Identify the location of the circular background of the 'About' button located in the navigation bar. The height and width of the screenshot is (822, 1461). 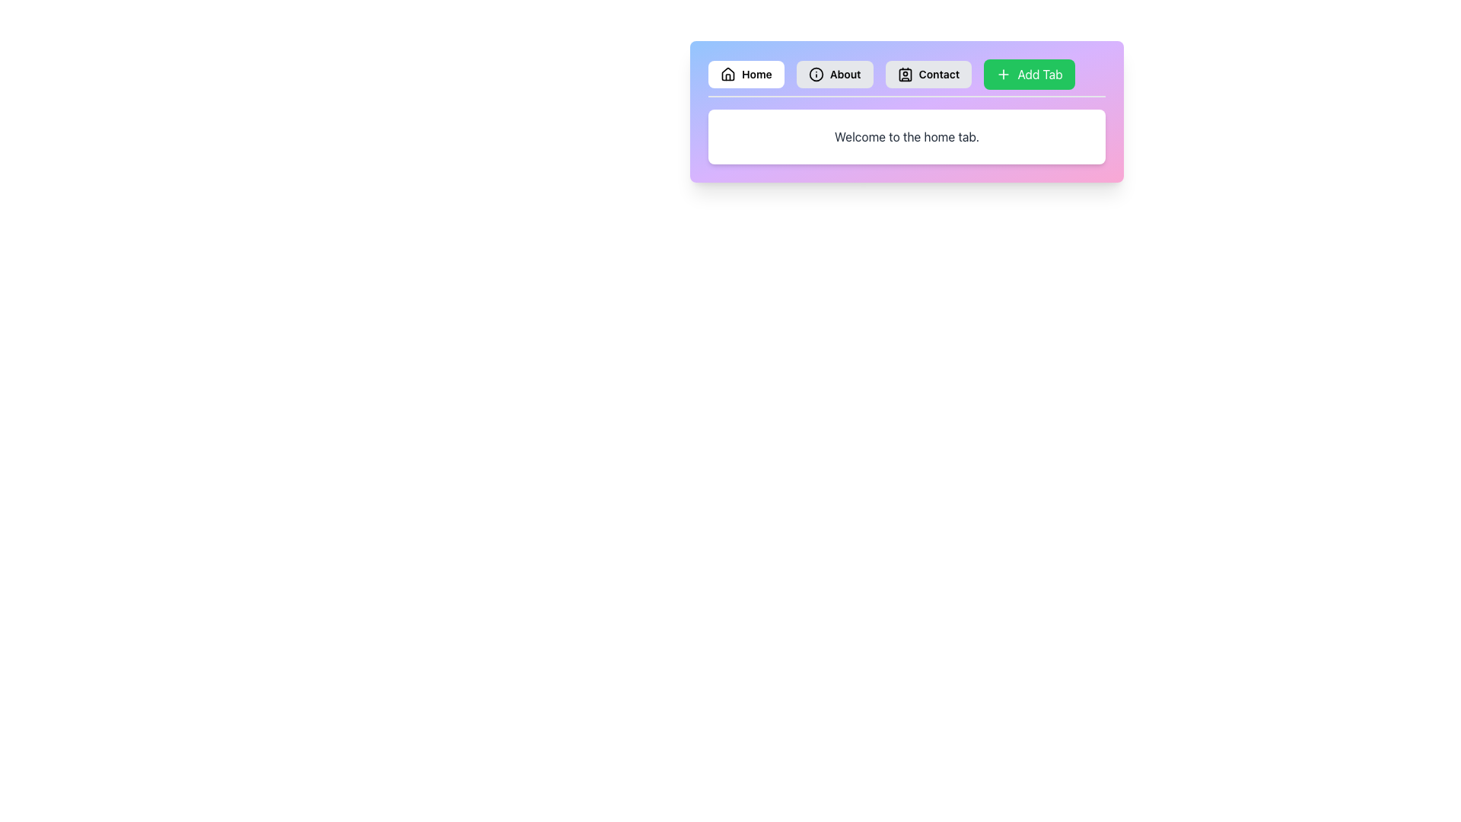
(815, 74).